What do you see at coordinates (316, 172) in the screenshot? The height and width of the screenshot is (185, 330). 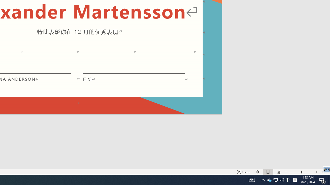 I see `'Zoom In'` at bounding box center [316, 172].